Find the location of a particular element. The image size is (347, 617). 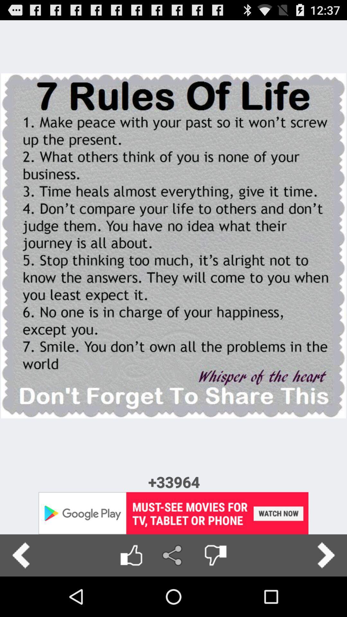

share the article is located at coordinates (173, 555).